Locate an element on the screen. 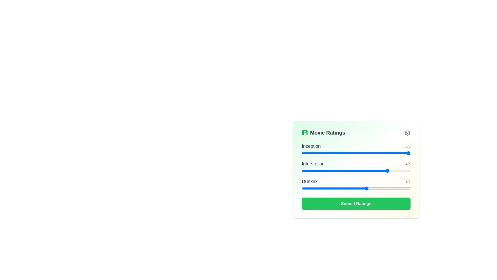 This screenshot has height=280, width=497. the Information Display Group that shows the movie title 'Dunkirk' and its rating '3/5' is located at coordinates (356, 181).